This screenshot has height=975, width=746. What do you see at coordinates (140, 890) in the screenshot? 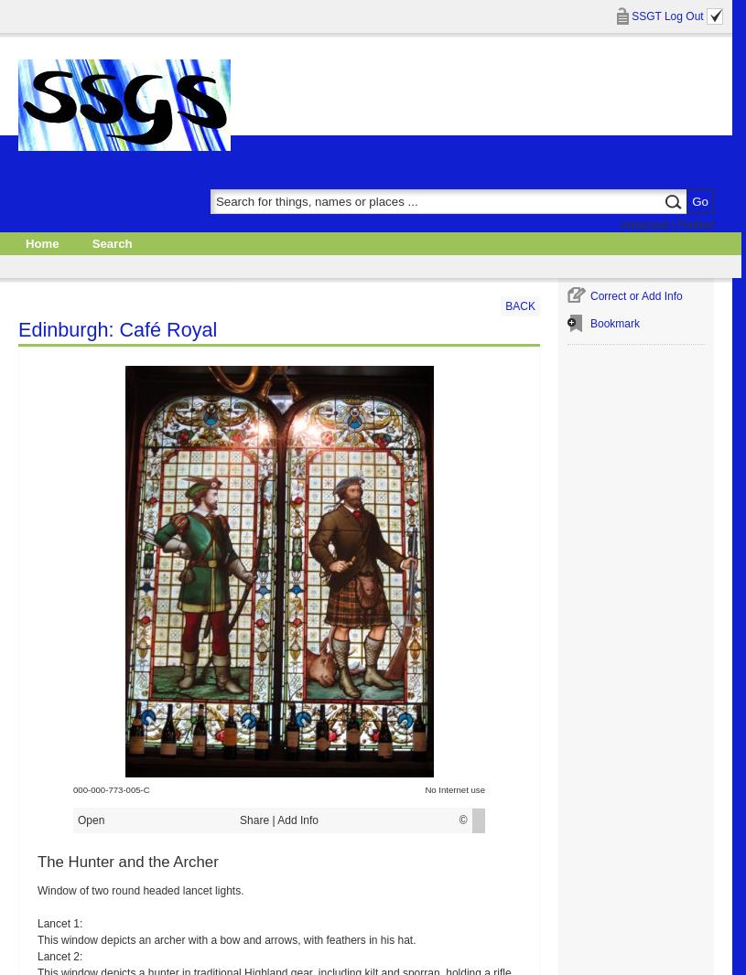
I see `'Window of  two round headed lancet lights.'` at bounding box center [140, 890].